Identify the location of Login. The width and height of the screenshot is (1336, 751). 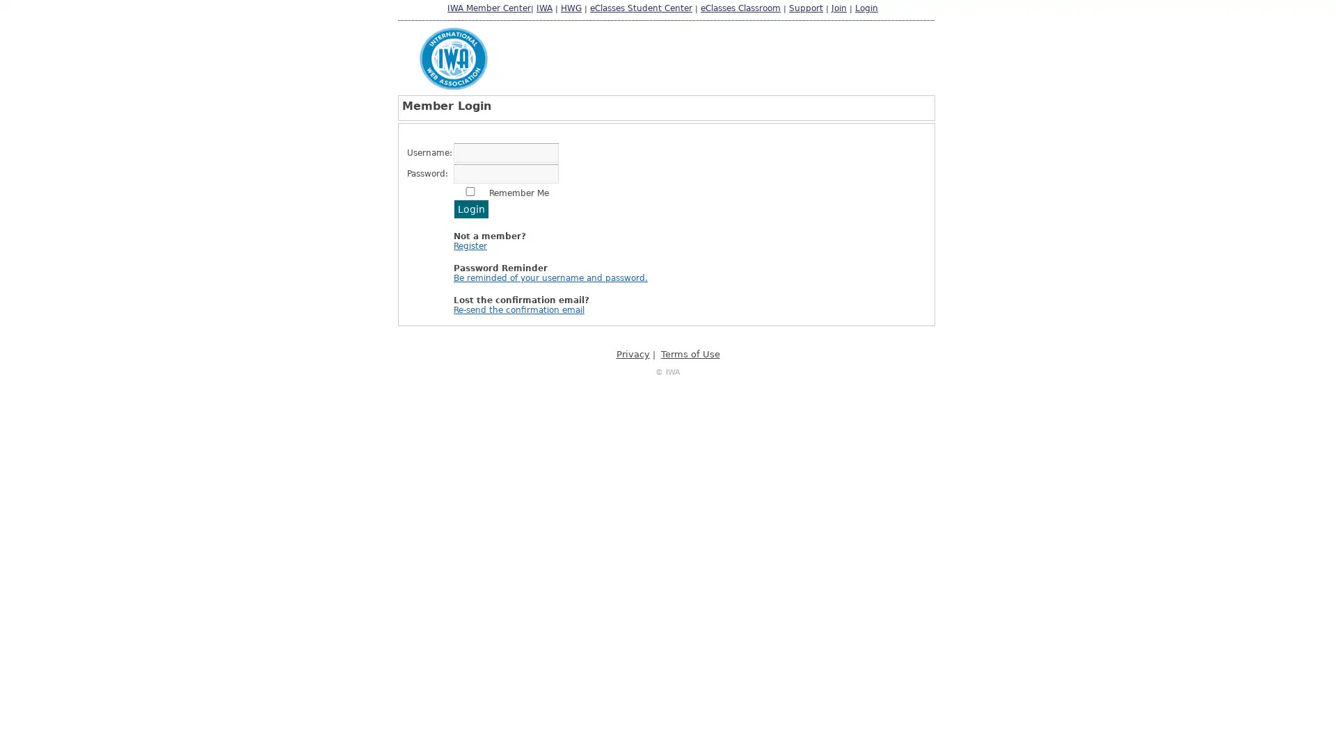
(471, 209).